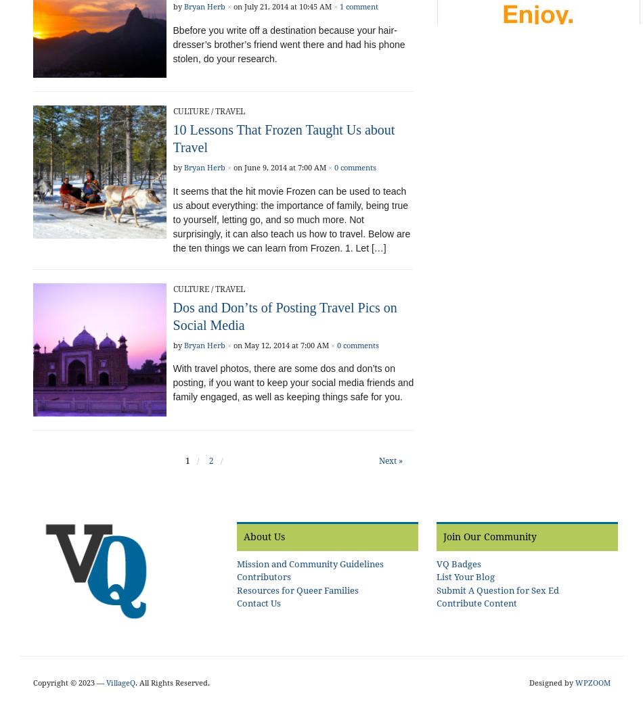 The image size is (643, 712). I want to click on '2', so click(210, 460).